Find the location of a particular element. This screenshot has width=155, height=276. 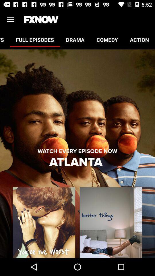

the item next to the comedy is located at coordinates (75, 39).